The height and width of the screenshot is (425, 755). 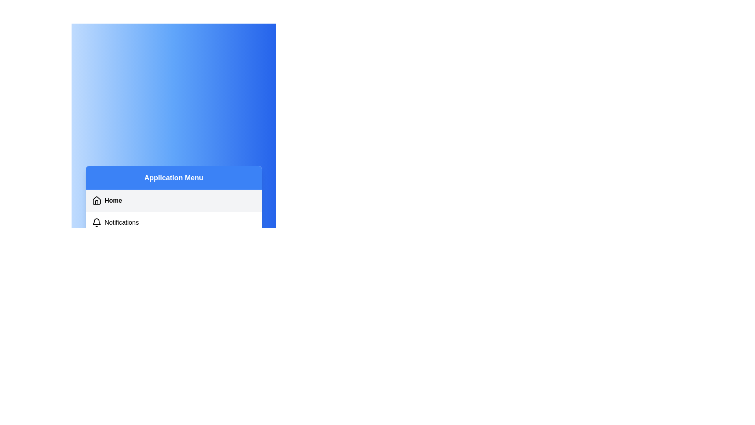 I want to click on the menu item Notifications, so click(x=173, y=223).